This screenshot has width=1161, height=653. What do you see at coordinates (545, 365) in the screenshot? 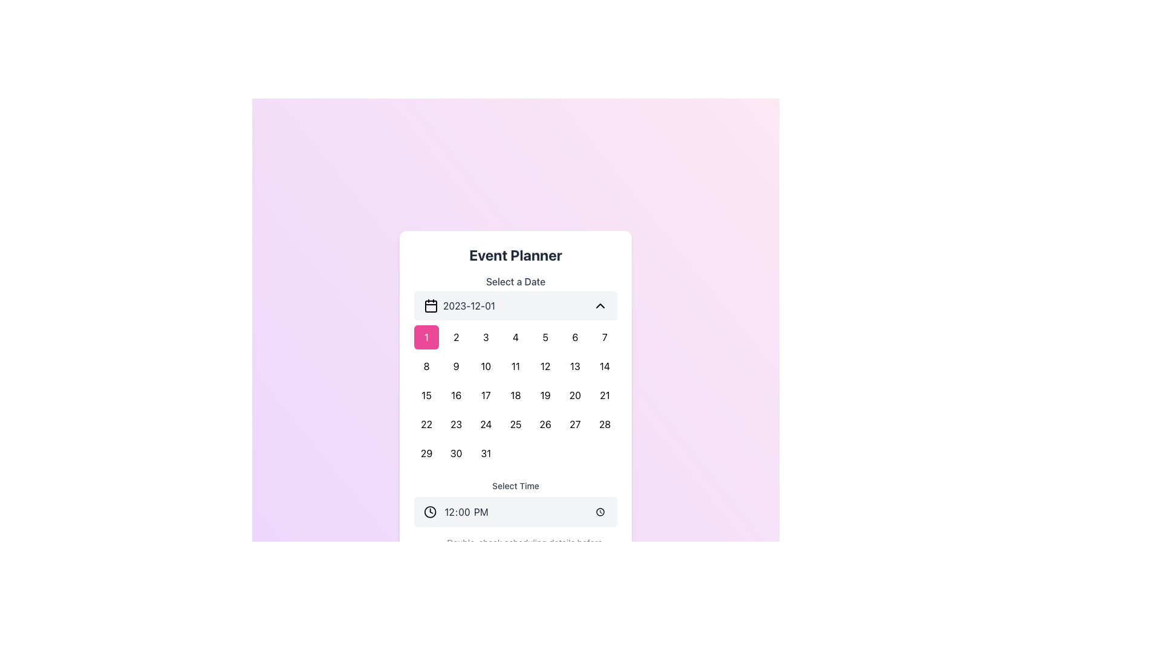
I see `the calendar button representing the 12th day of the month located in the second row and sixth column of the grid-like calendar interface` at bounding box center [545, 365].